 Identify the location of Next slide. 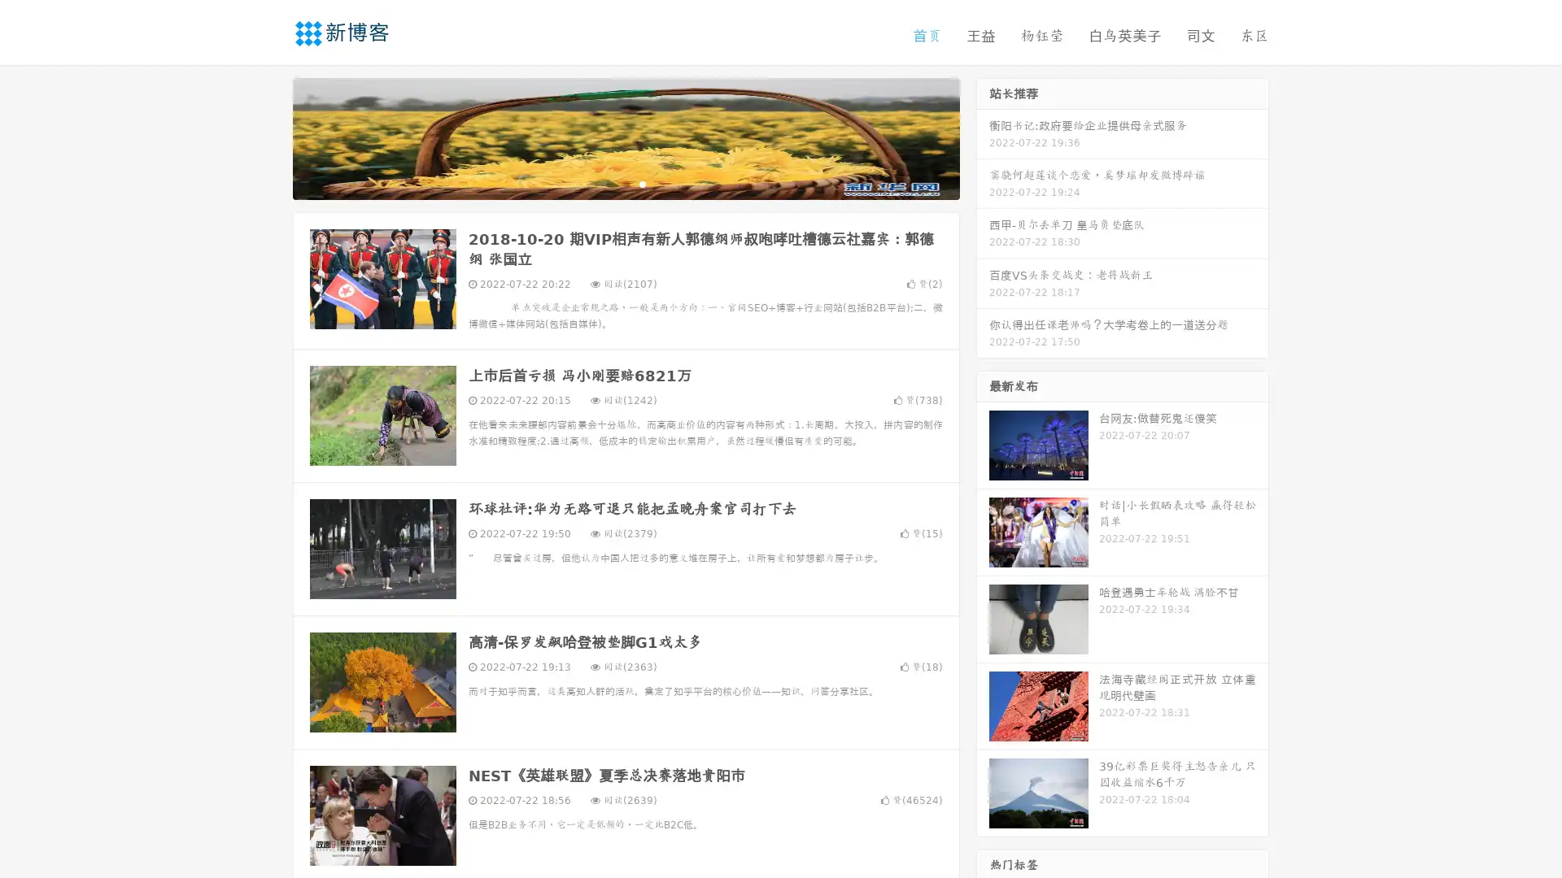
(983, 137).